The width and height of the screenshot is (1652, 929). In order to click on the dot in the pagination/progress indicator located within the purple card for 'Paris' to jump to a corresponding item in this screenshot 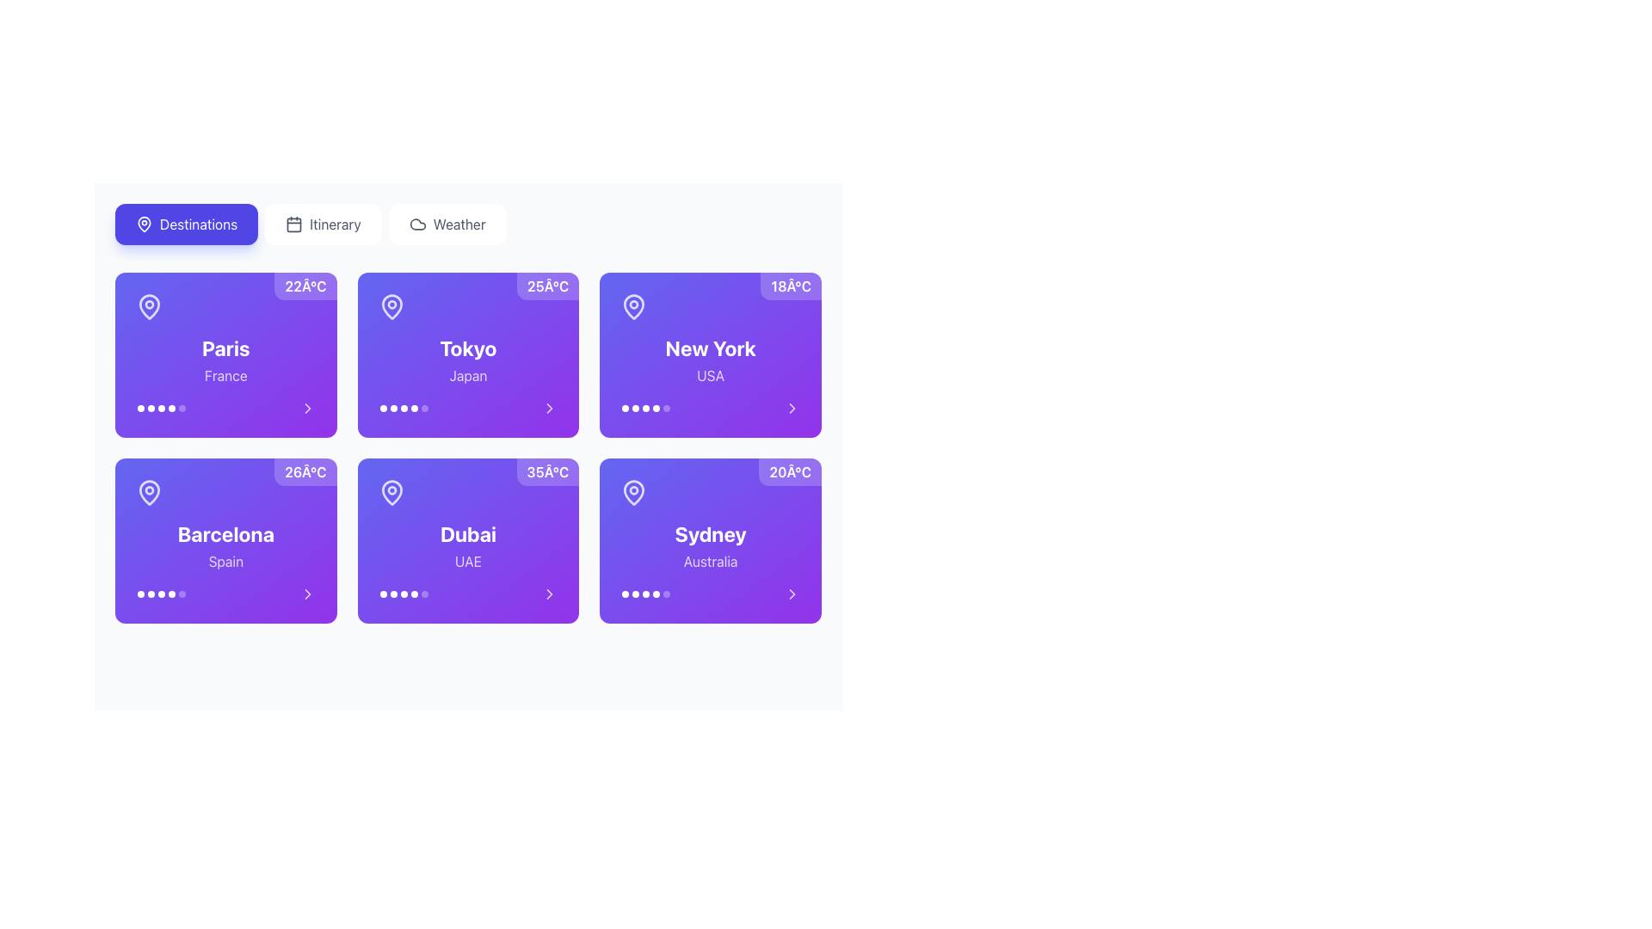, I will do `click(225, 408)`.